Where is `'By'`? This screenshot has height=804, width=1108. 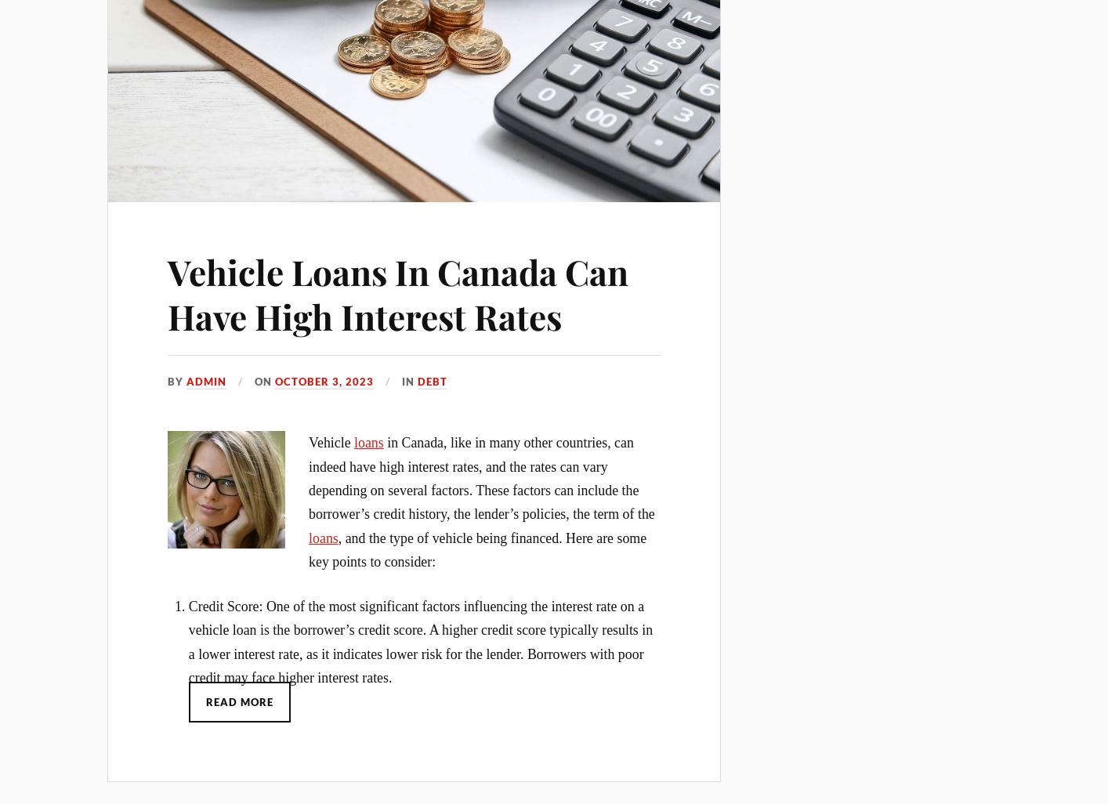
'By' is located at coordinates (176, 380).